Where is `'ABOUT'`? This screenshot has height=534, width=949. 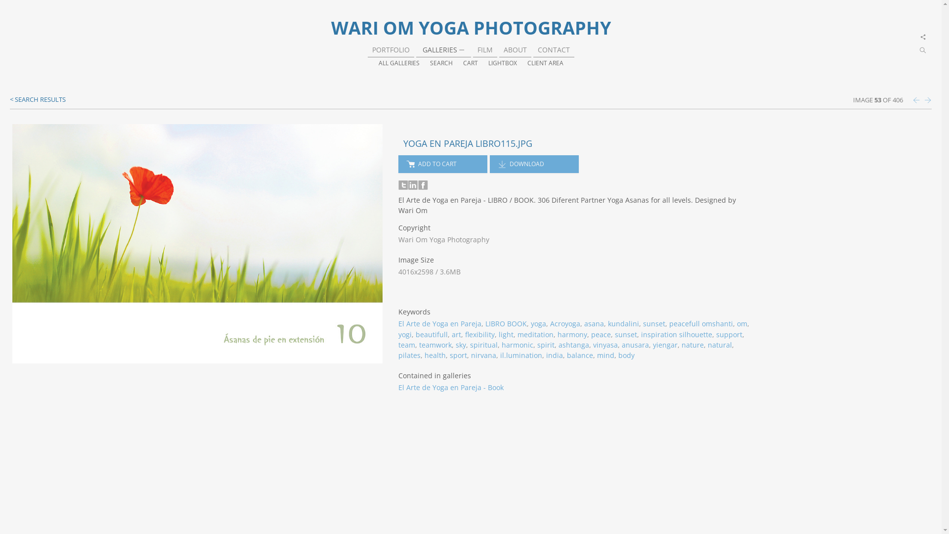
'ABOUT' is located at coordinates (514, 49).